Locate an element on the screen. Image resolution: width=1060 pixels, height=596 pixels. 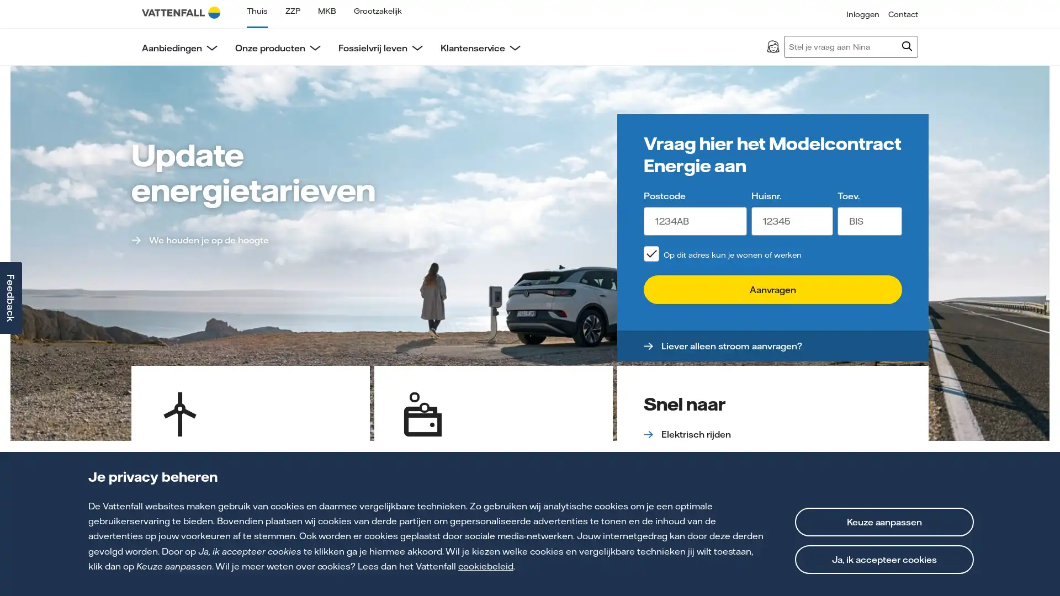
Ja, ik accepteer cookies is located at coordinates (884, 560).